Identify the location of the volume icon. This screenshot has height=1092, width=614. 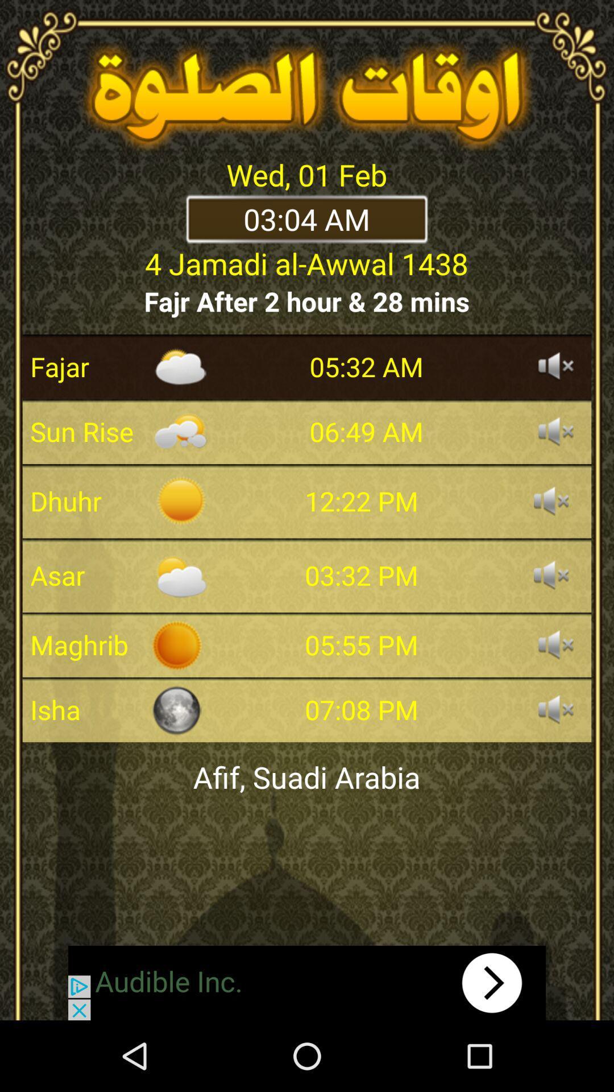
(550, 500).